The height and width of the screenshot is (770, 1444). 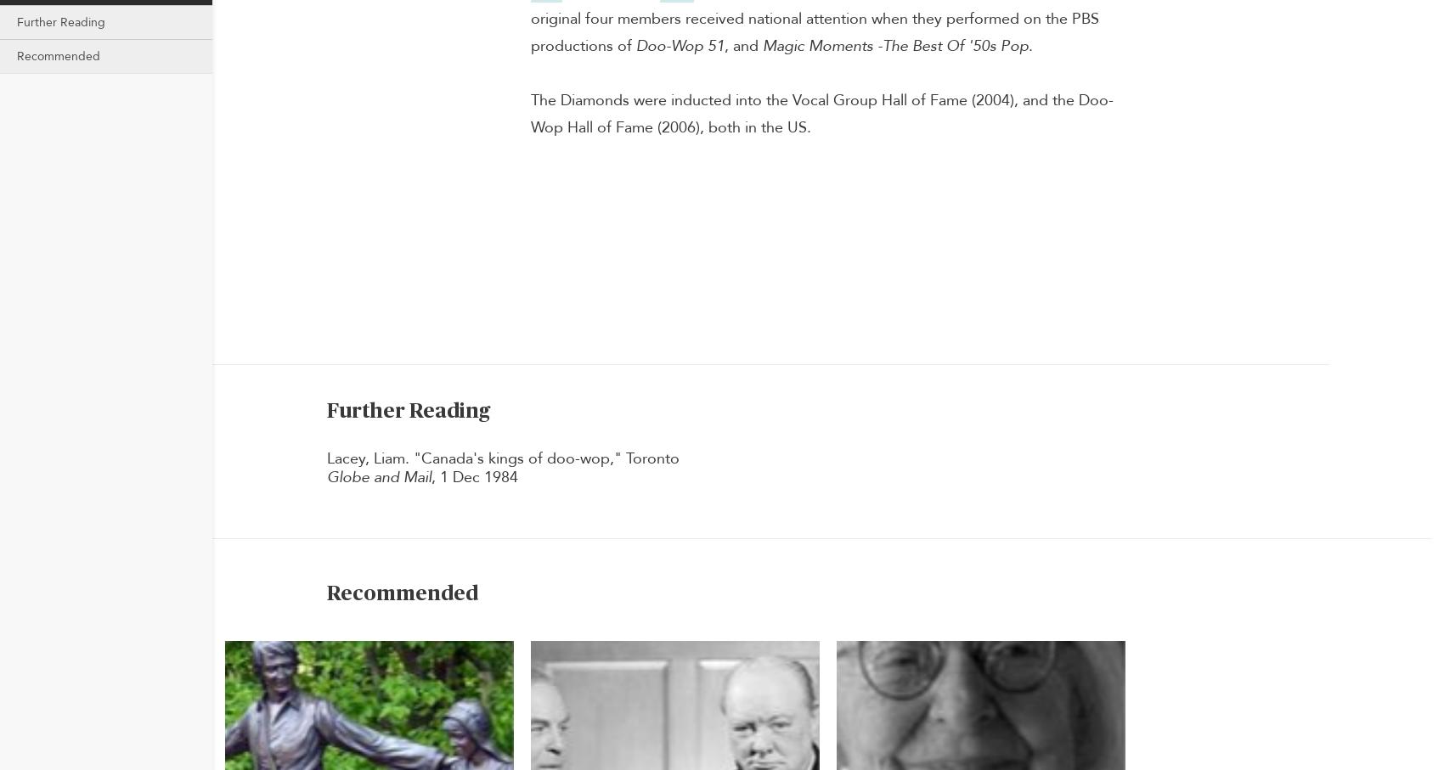 What do you see at coordinates (375, 115) in the screenshot?
I see `'Historica Canada'` at bounding box center [375, 115].